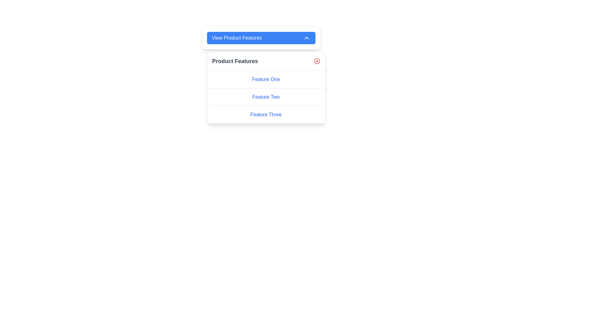 This screenshot has height=334, width=595. What do you see at coordinates (266, 79) in the screenshot?
I see `the text label for 'Feature One' in the 'Product Features' section` at bounding box center [266, 79].